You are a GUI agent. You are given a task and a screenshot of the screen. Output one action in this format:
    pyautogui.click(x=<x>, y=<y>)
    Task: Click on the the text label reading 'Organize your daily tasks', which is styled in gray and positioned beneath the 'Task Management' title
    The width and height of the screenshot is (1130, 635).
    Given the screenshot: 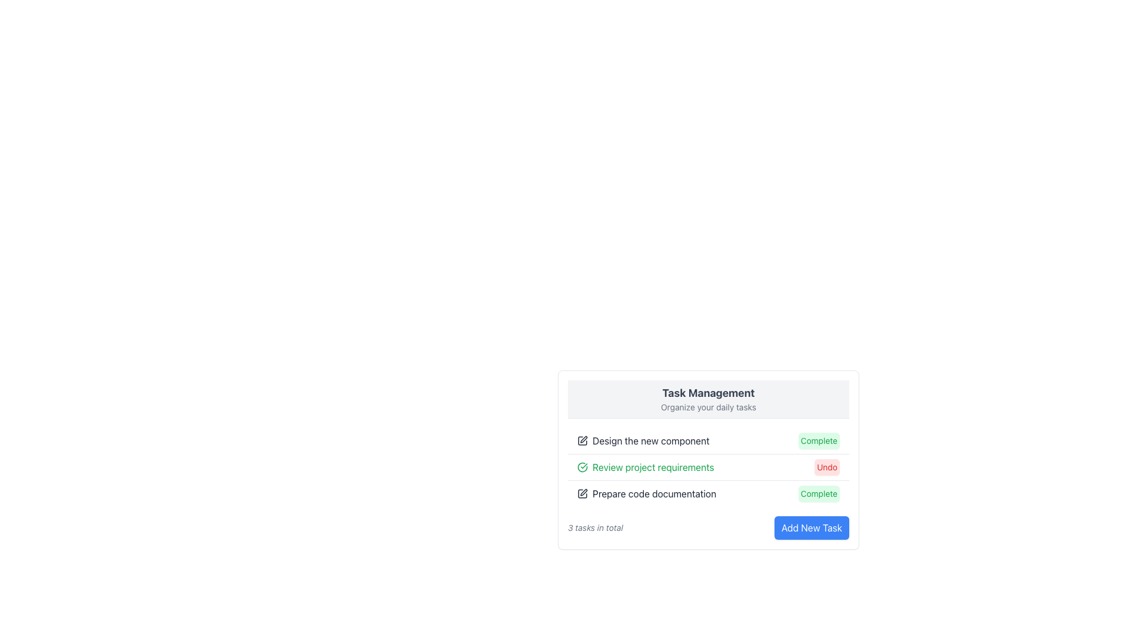 What is the action you would take?
    pyautogui.click(x=708, y=407)
    